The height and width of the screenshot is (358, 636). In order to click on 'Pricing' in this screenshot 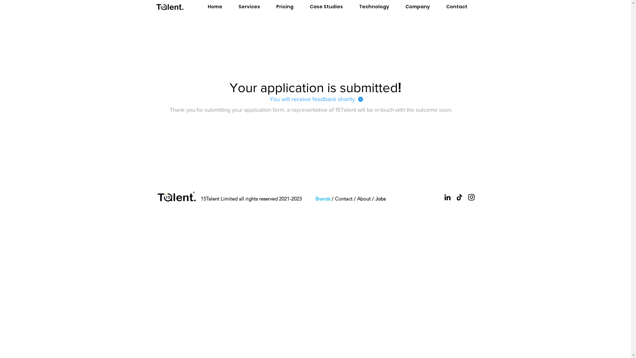, I will do `click(285, 7)`.